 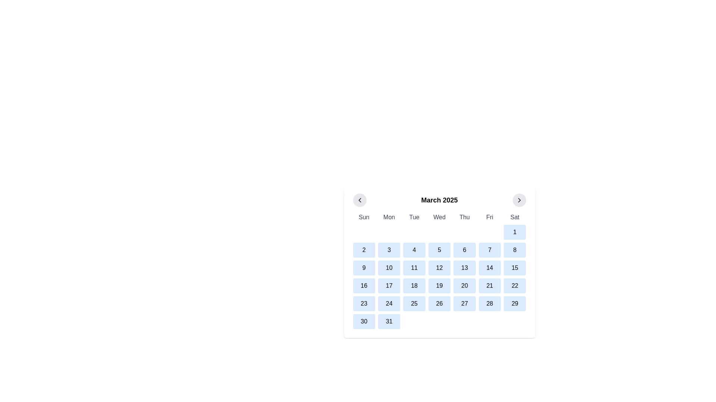 What do you see at coordinates (414, 304) in the screenshot?
I see `the button representing the 25th day of March 2025 in the calendar located in the last row and third column (Tuesday)` at bounding box center [414, 304].